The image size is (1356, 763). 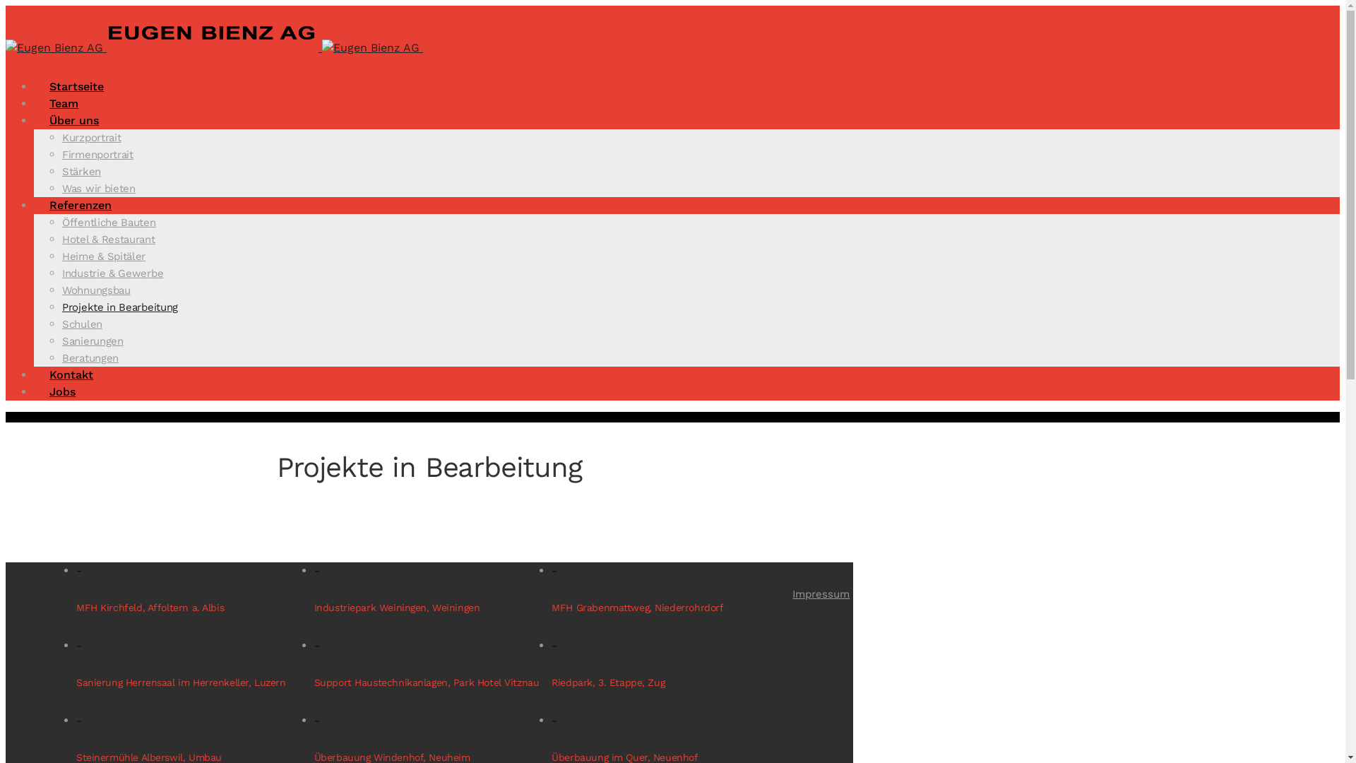 What do you see at coordinates (92, 341) in the screenshot?
I see `'Sanierungen'` at bounding box center [92, 341].